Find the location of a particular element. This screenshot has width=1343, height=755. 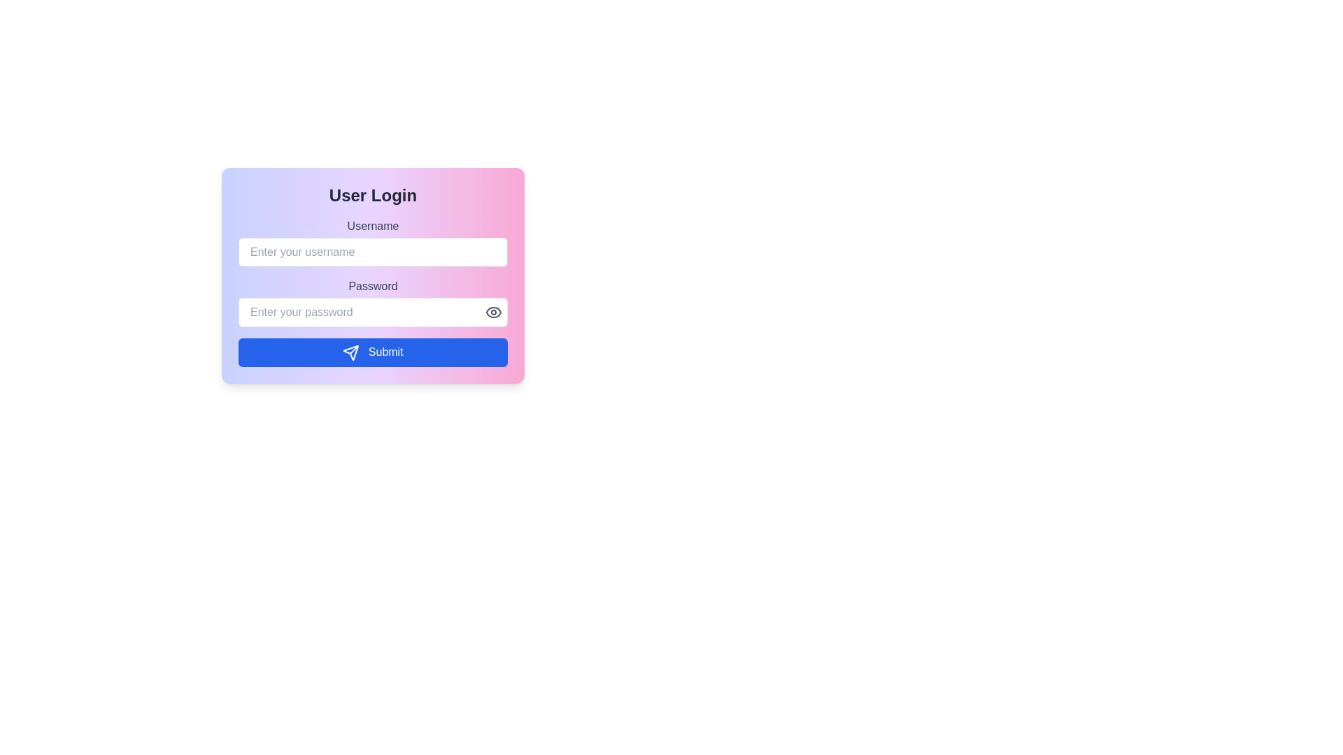

the 'Submit' button by clicking on the icon to trigger the submit action for the login form is located at coordinates (351, 352).